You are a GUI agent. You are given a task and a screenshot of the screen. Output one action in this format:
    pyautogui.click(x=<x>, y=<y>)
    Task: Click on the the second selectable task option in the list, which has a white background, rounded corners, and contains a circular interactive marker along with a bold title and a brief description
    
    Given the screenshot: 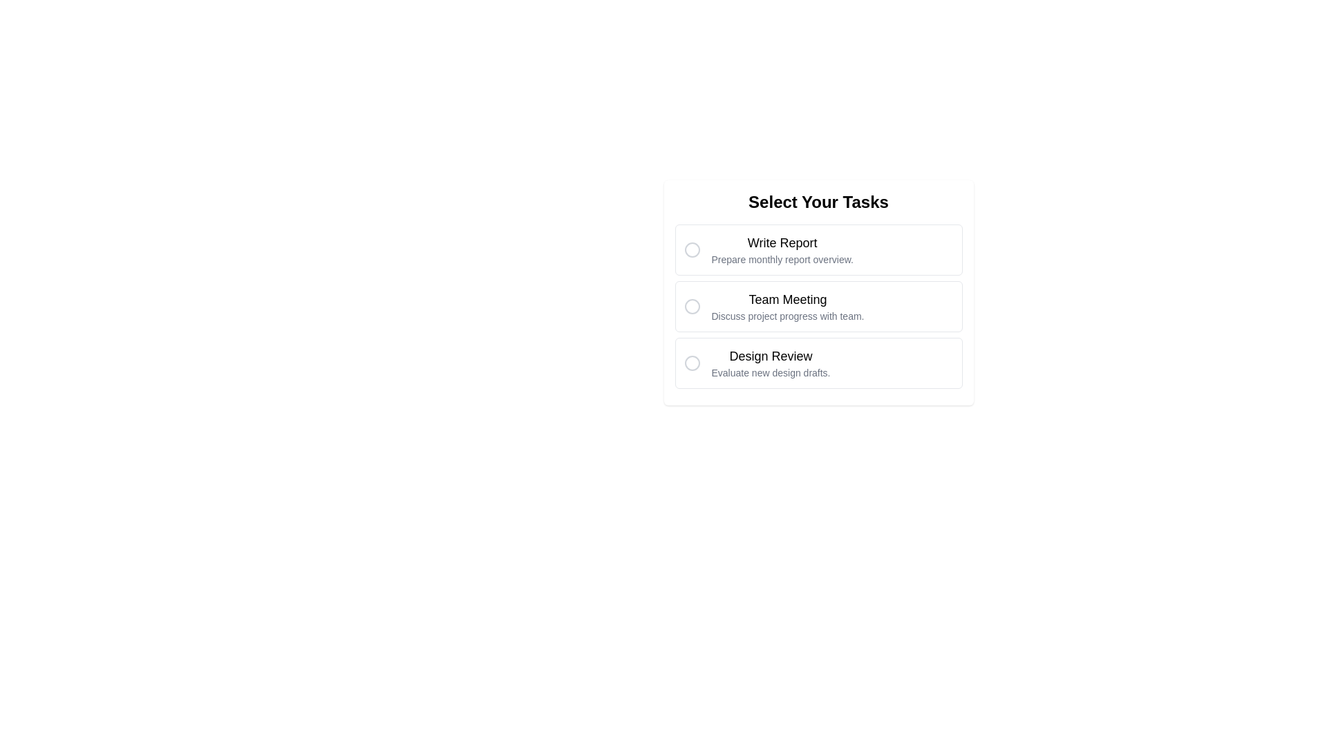 What is the action you would take?
    pyautogui.click(x=818, y=292)
    